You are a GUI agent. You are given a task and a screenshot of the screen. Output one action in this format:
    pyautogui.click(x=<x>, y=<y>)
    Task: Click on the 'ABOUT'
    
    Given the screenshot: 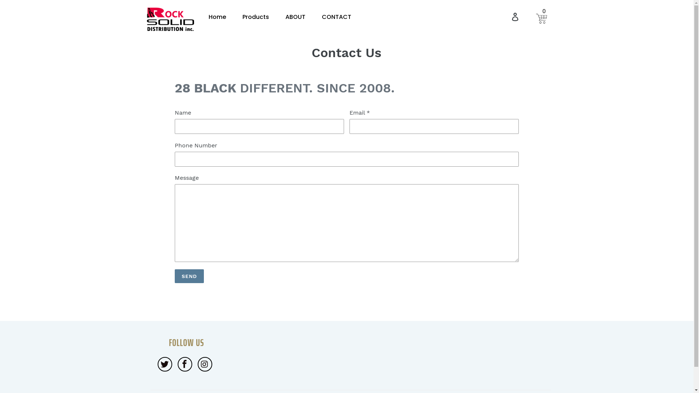 What is the action you would take?
    pyautogui.click(x=285, y=16)
    